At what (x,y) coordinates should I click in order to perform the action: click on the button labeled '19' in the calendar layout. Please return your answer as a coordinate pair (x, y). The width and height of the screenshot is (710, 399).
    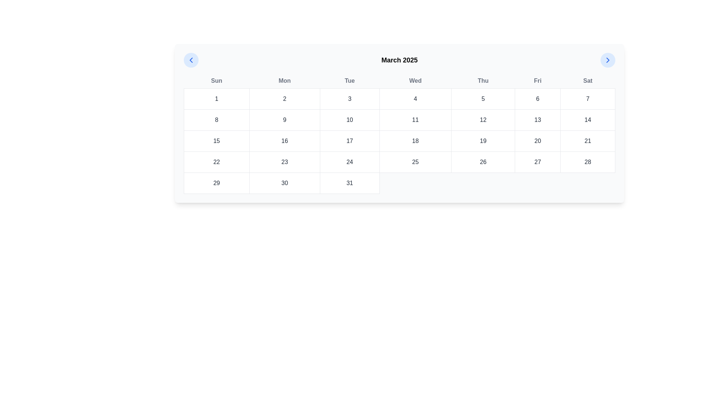
    Looking at the image, I should click on (483, 141).